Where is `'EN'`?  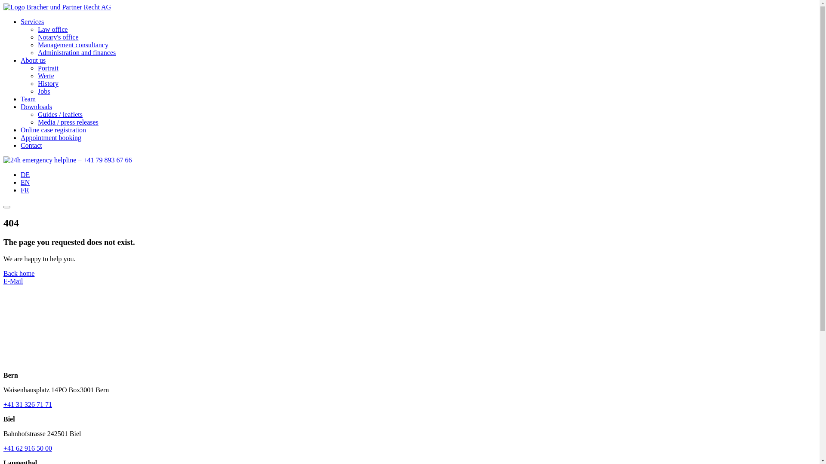
'EN' is located at coordinates (25, 182).